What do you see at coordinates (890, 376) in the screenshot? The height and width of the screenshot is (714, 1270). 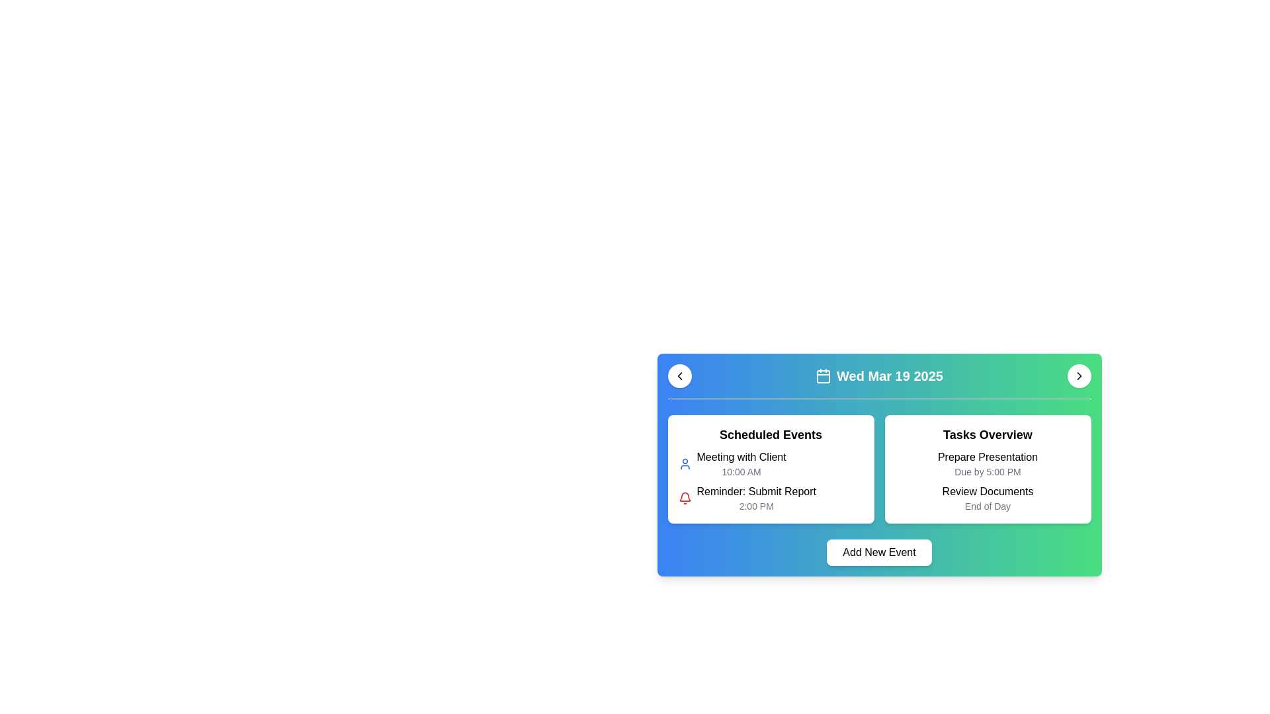 I see `the static text label displaying the date 'Wed Mar 19 2025', which is styled with a large font size and bold weight, located at the top-center of the panel with a blue-green gradient background` at bounding box center [890, 376].